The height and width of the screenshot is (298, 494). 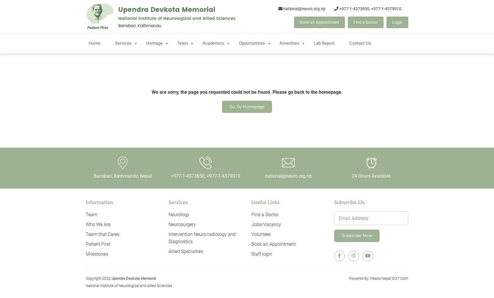 I want to click on '24 Hours Available', so click(x=371, y=176).